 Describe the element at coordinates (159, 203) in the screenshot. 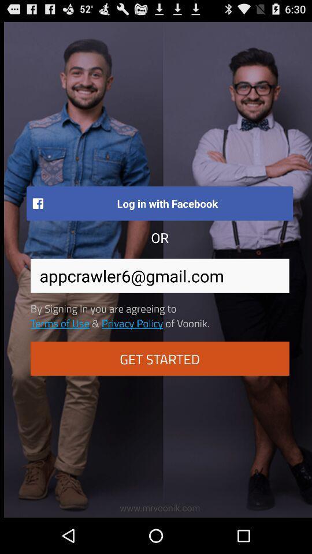

I see `the item above or icon` at that location.